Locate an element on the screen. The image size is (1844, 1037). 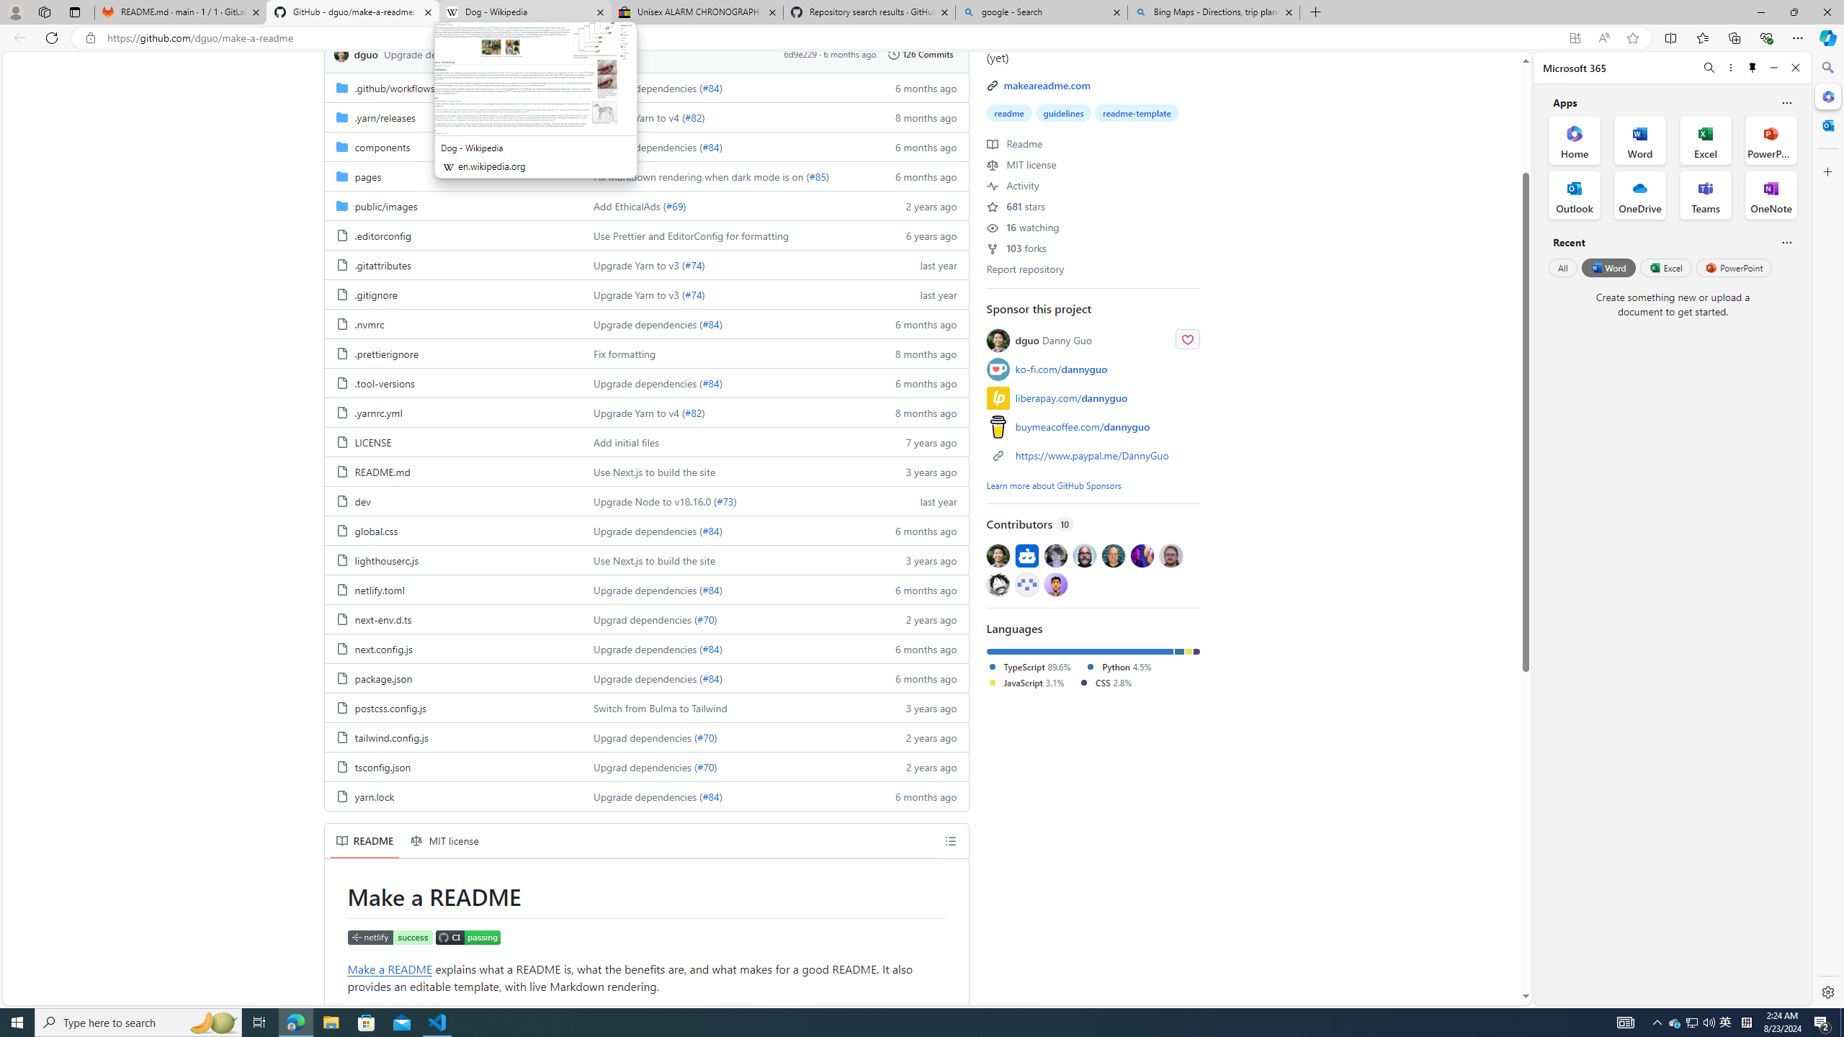
'Report repository' is located at coordinates (1024, 267).